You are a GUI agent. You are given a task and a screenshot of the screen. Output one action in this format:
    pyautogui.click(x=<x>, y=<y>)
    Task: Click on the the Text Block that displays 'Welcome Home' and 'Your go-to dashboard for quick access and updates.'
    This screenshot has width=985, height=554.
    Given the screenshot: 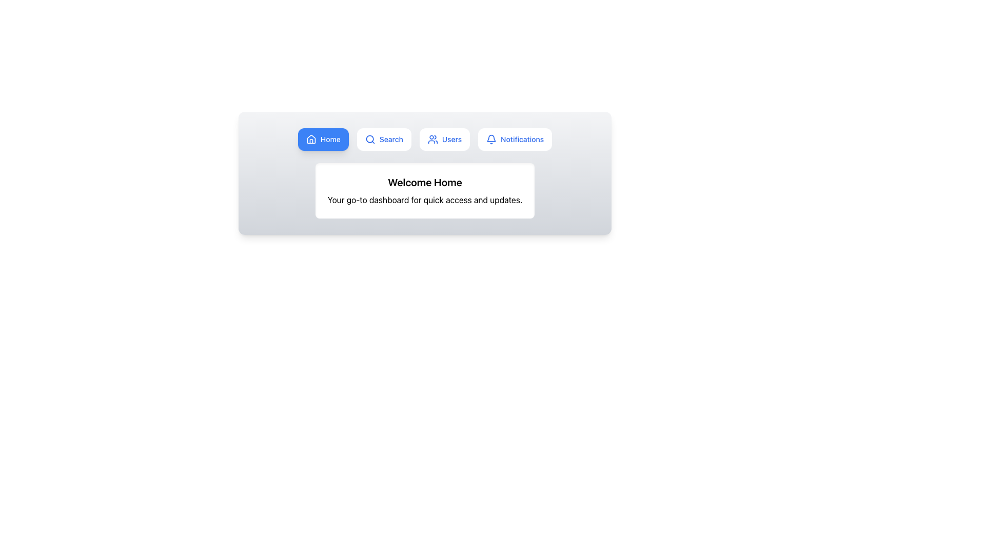 What is the action you would take?
    pyautogui.click(x=425, y=190)
    